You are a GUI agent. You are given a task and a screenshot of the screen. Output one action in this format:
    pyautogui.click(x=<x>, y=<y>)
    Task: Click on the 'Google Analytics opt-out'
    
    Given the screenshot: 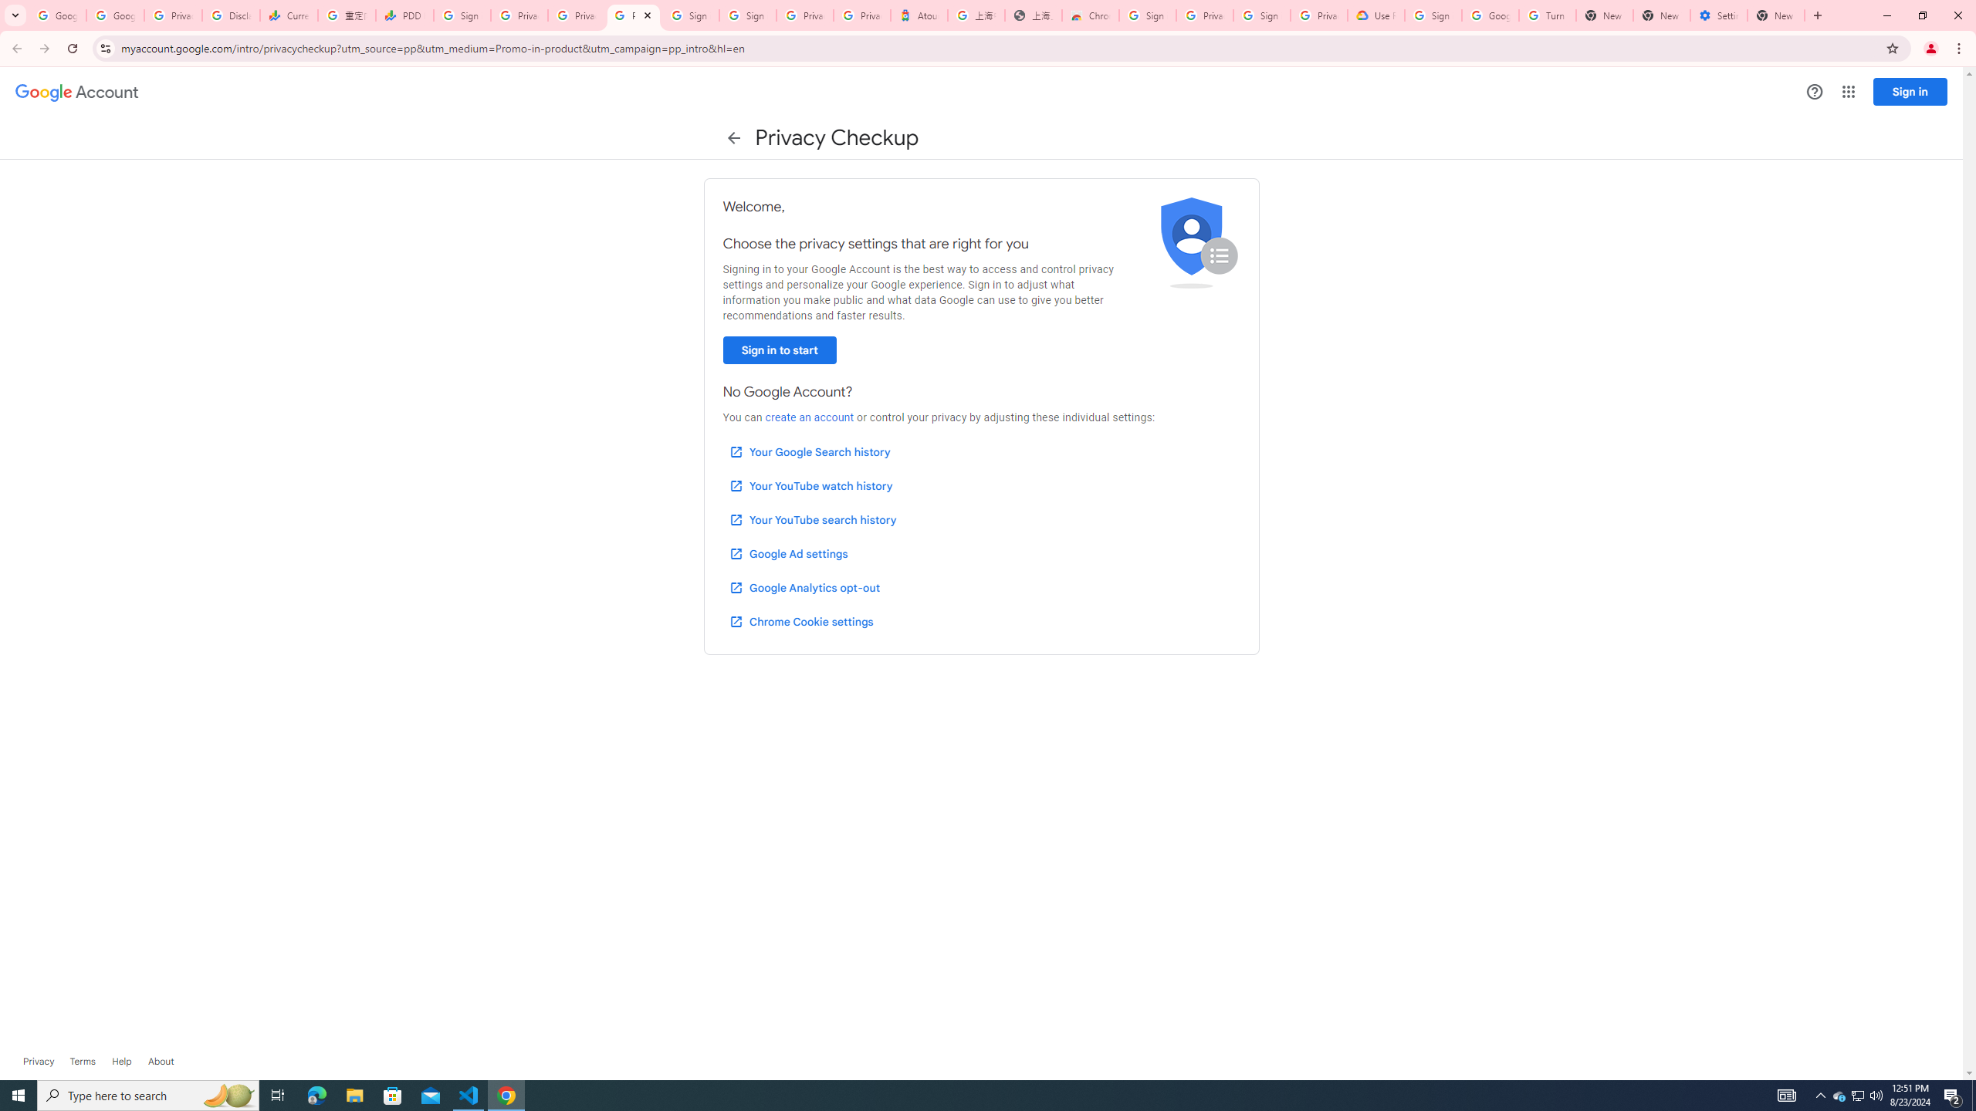 What is the action you would take?
    pyautogui.click(x=803, y=588)
    